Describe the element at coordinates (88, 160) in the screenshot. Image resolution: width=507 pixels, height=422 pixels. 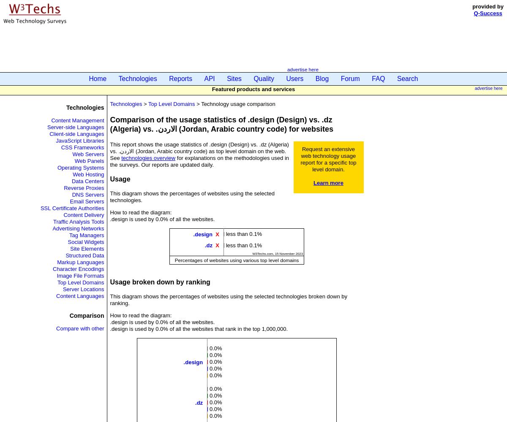
I see `'Web Panels'` at that location.